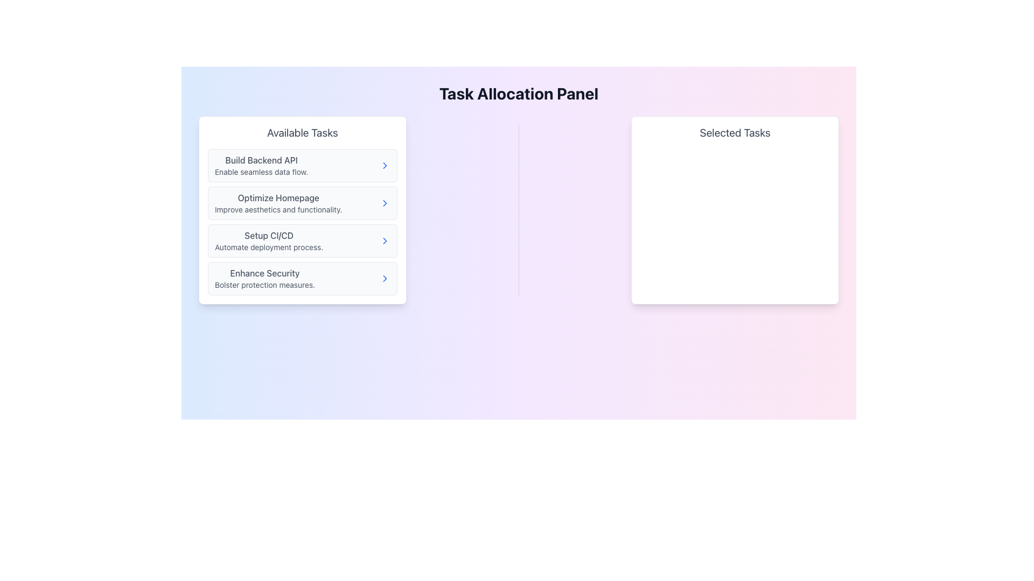  Describe the element at coordinates (261, 172) in the screenshot. I see `the text label that provides supplementary information for the 'Build Backend API' task located in the first row of the task list under the 'Available Tasks' section` at that location.